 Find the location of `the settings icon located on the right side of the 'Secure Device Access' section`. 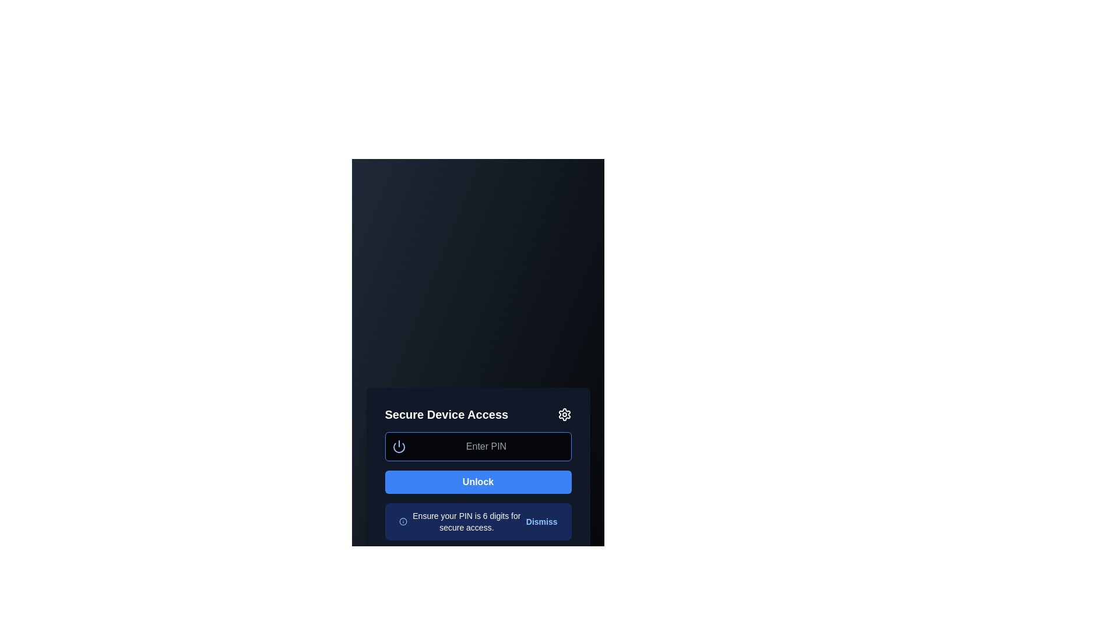

the settings icon located on the right side of the 'Secure Device Access' section is located at coordinates (564, 414).